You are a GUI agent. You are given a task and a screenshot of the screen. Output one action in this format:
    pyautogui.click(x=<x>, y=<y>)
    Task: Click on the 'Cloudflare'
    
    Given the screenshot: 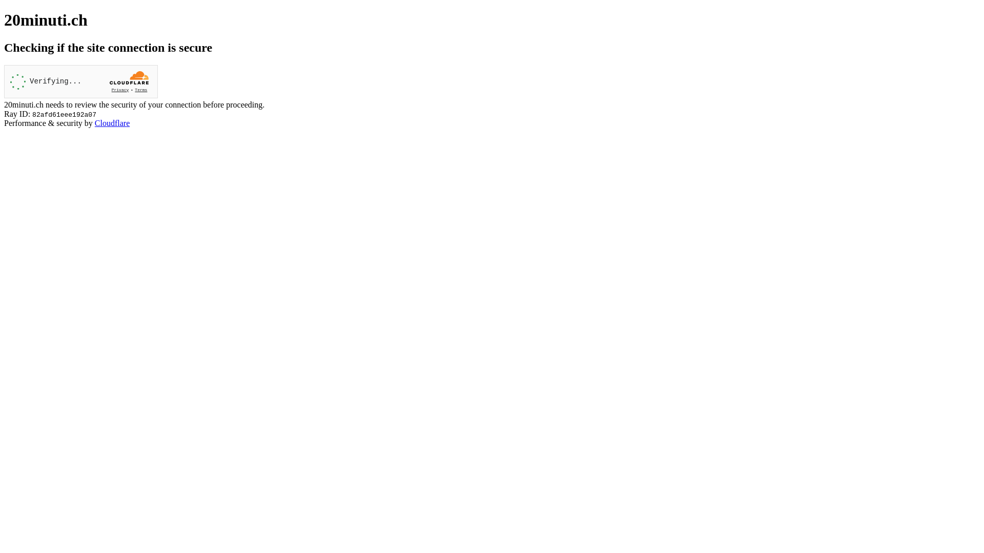 What is the action you would take?
    pyautogui.click(x=112, y=122)
    